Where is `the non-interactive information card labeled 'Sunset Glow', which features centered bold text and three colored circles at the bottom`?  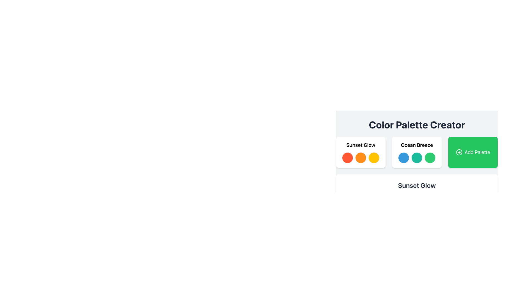 the non-interactive information card labeled 'Sunset Glow', which features centered bold text and three colored circles at the bottom is located at coordinates (361, 152).